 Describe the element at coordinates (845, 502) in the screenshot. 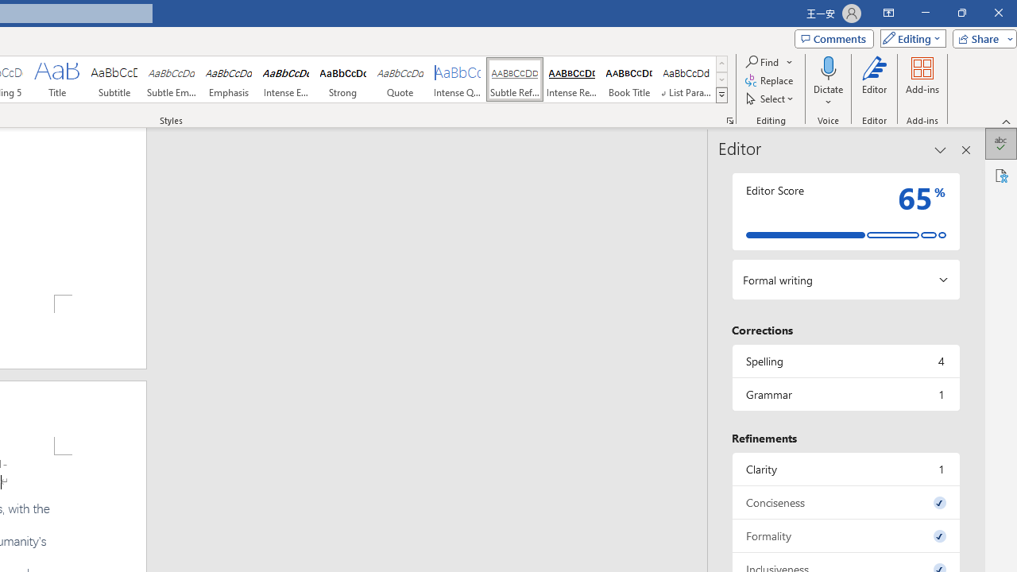

I see `'Conciseness, 0 issues. Press space or enter to review items.'` at that location.